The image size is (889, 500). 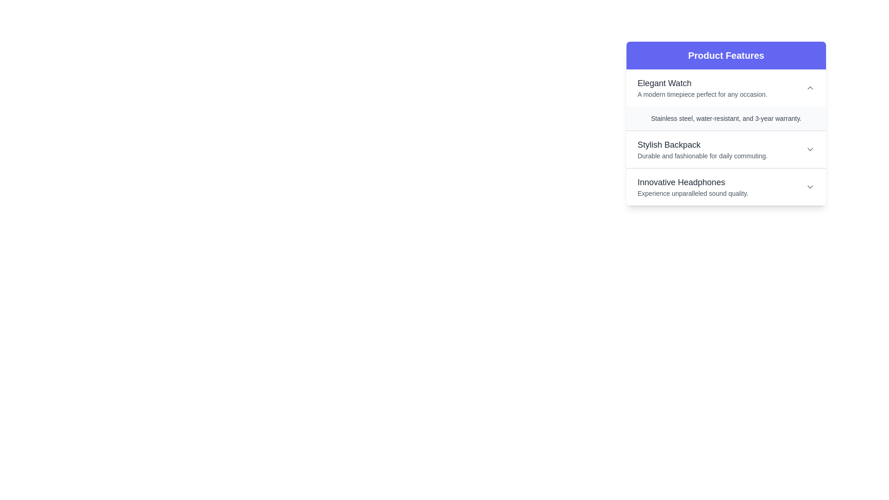 I want to click on the chevron-down icon indicating dropdown functionality, located to the right of 'Innovative Headphones' in the 'Product Features' section, so click(x=810, y=187).